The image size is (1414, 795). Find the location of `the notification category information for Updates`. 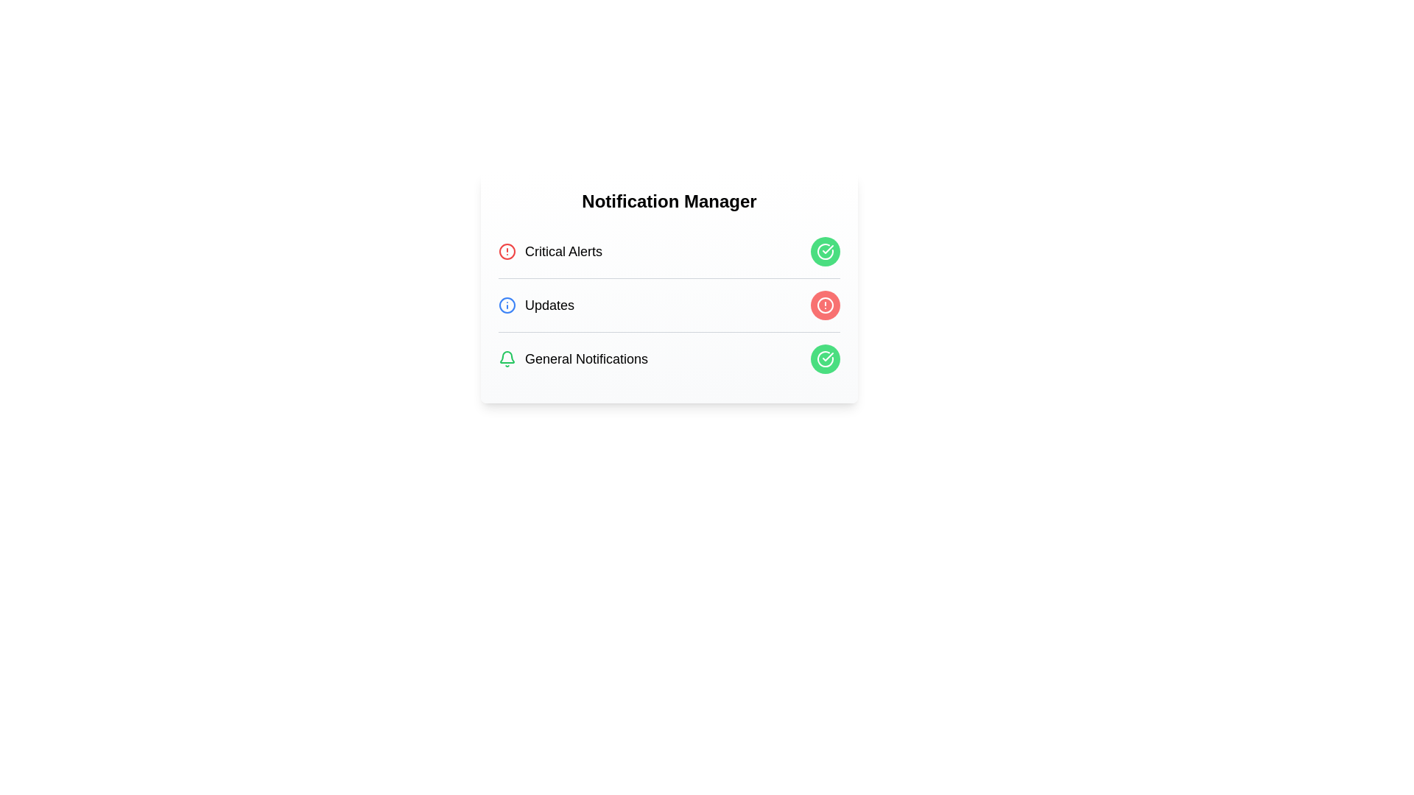

the notification category information for Updates is located at coordinates (535, 305).